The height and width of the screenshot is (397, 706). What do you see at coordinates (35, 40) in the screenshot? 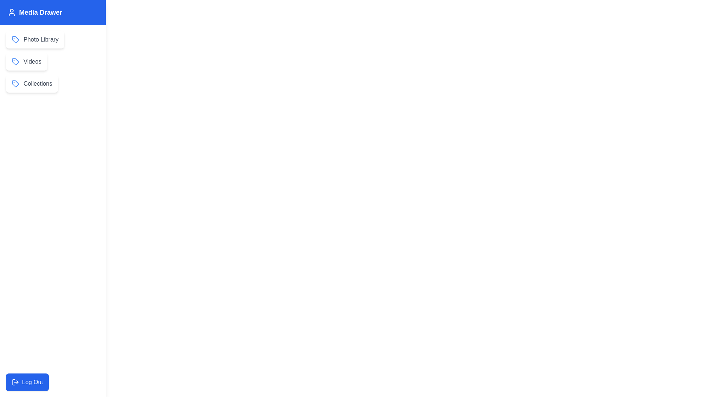
I see `the Photo Library in the MediaSidebarDrawer` at bounding box center [35, 40].